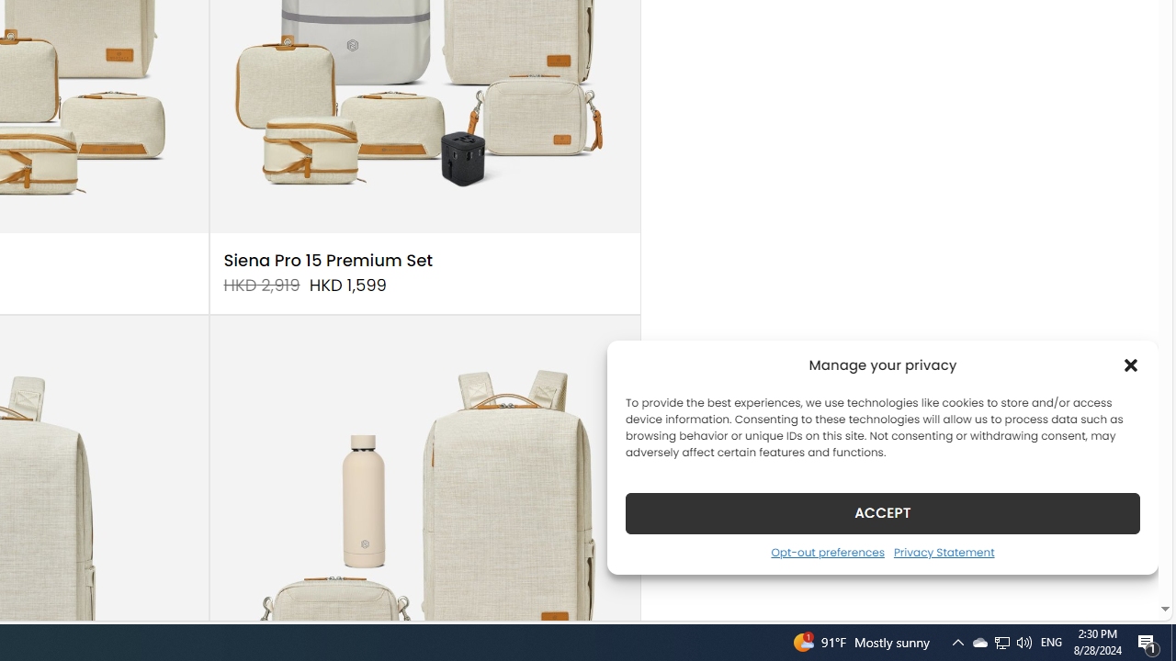 This screenshot has height=661, width=1176. I want to click on 'Opt-out preferences', so click(826, 551).